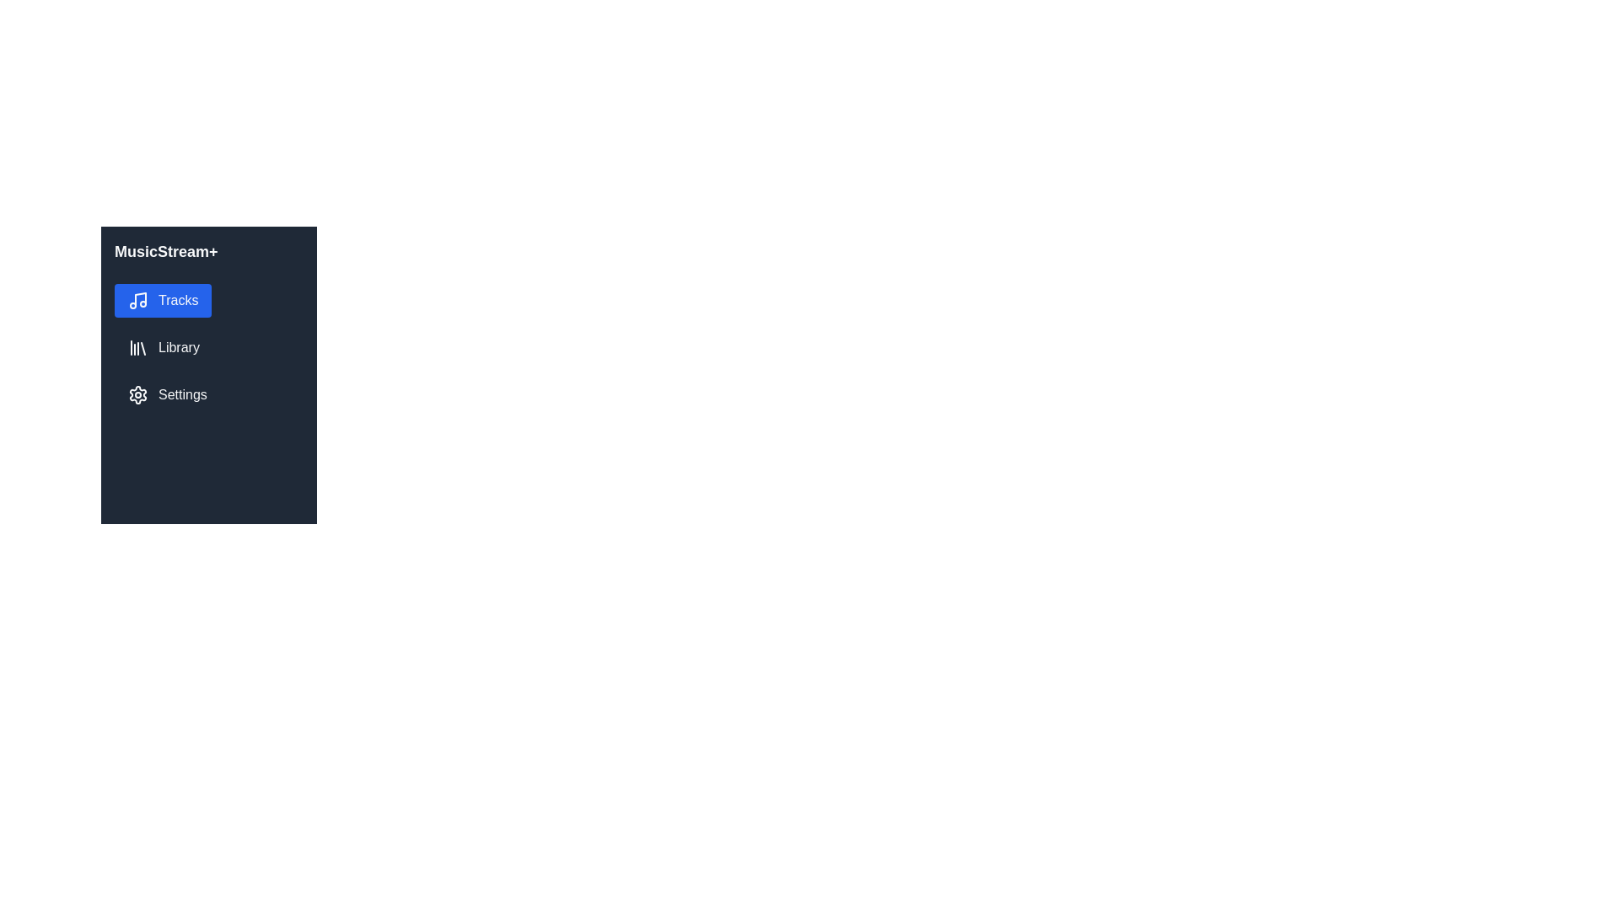  I want to click on the gear-shaped settings icon located to the left of the 'Settings' text in the vertical navigation menu, which has a clean, minimalist design and is visually distinct against a dark background, so click(137, 395).